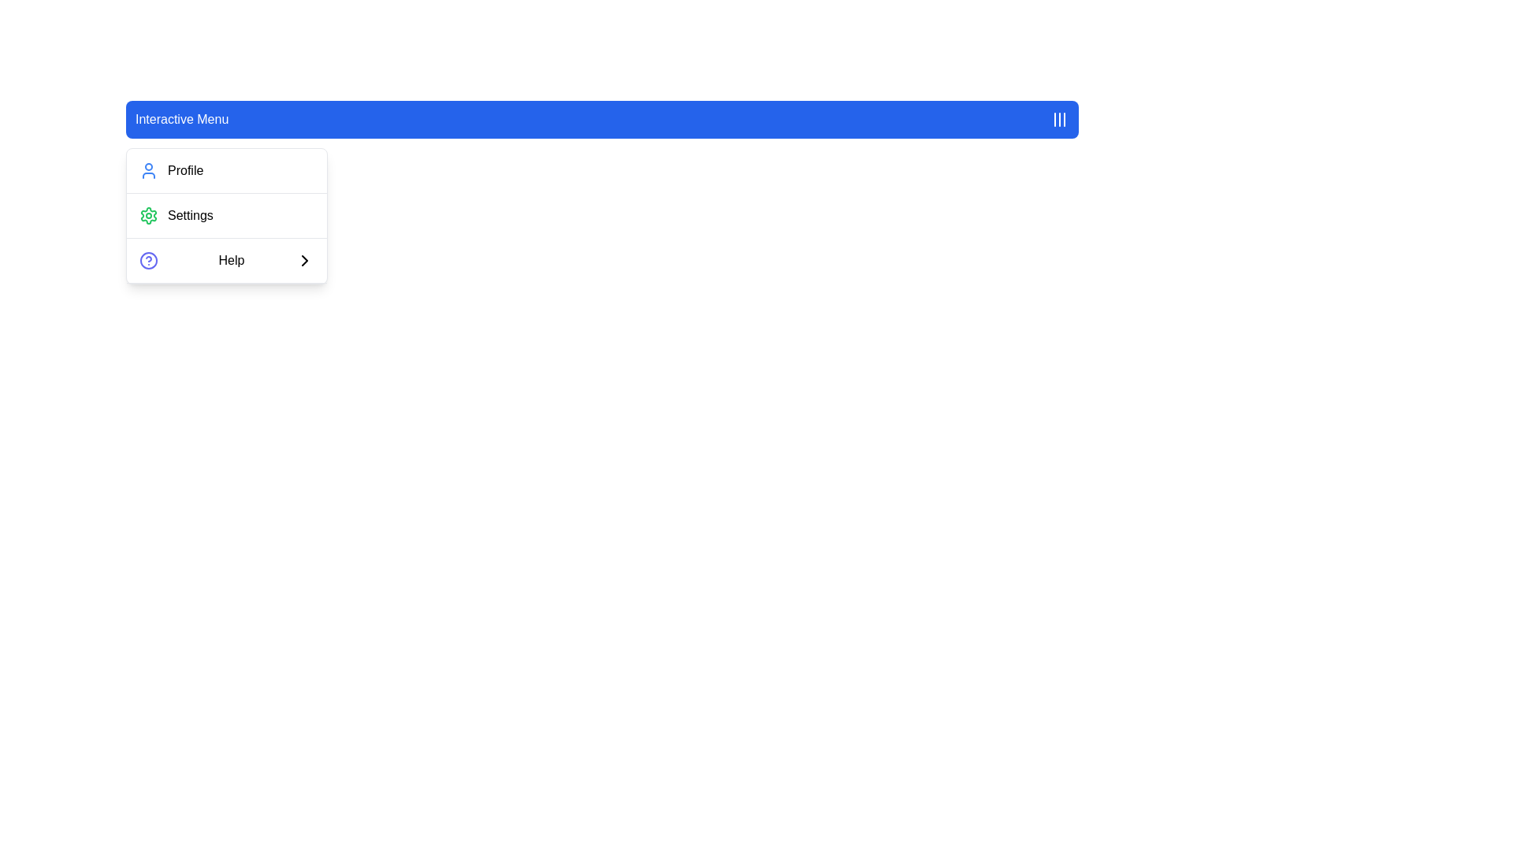 The width and height of the screenshot is (1513, 851). What do you see at coordinates (148, 260) in the screenshot?
I see `the circular indigo question mark icon that is positioned to the left of the 'Help' text in the menu item` at bounding box center [148, 260].